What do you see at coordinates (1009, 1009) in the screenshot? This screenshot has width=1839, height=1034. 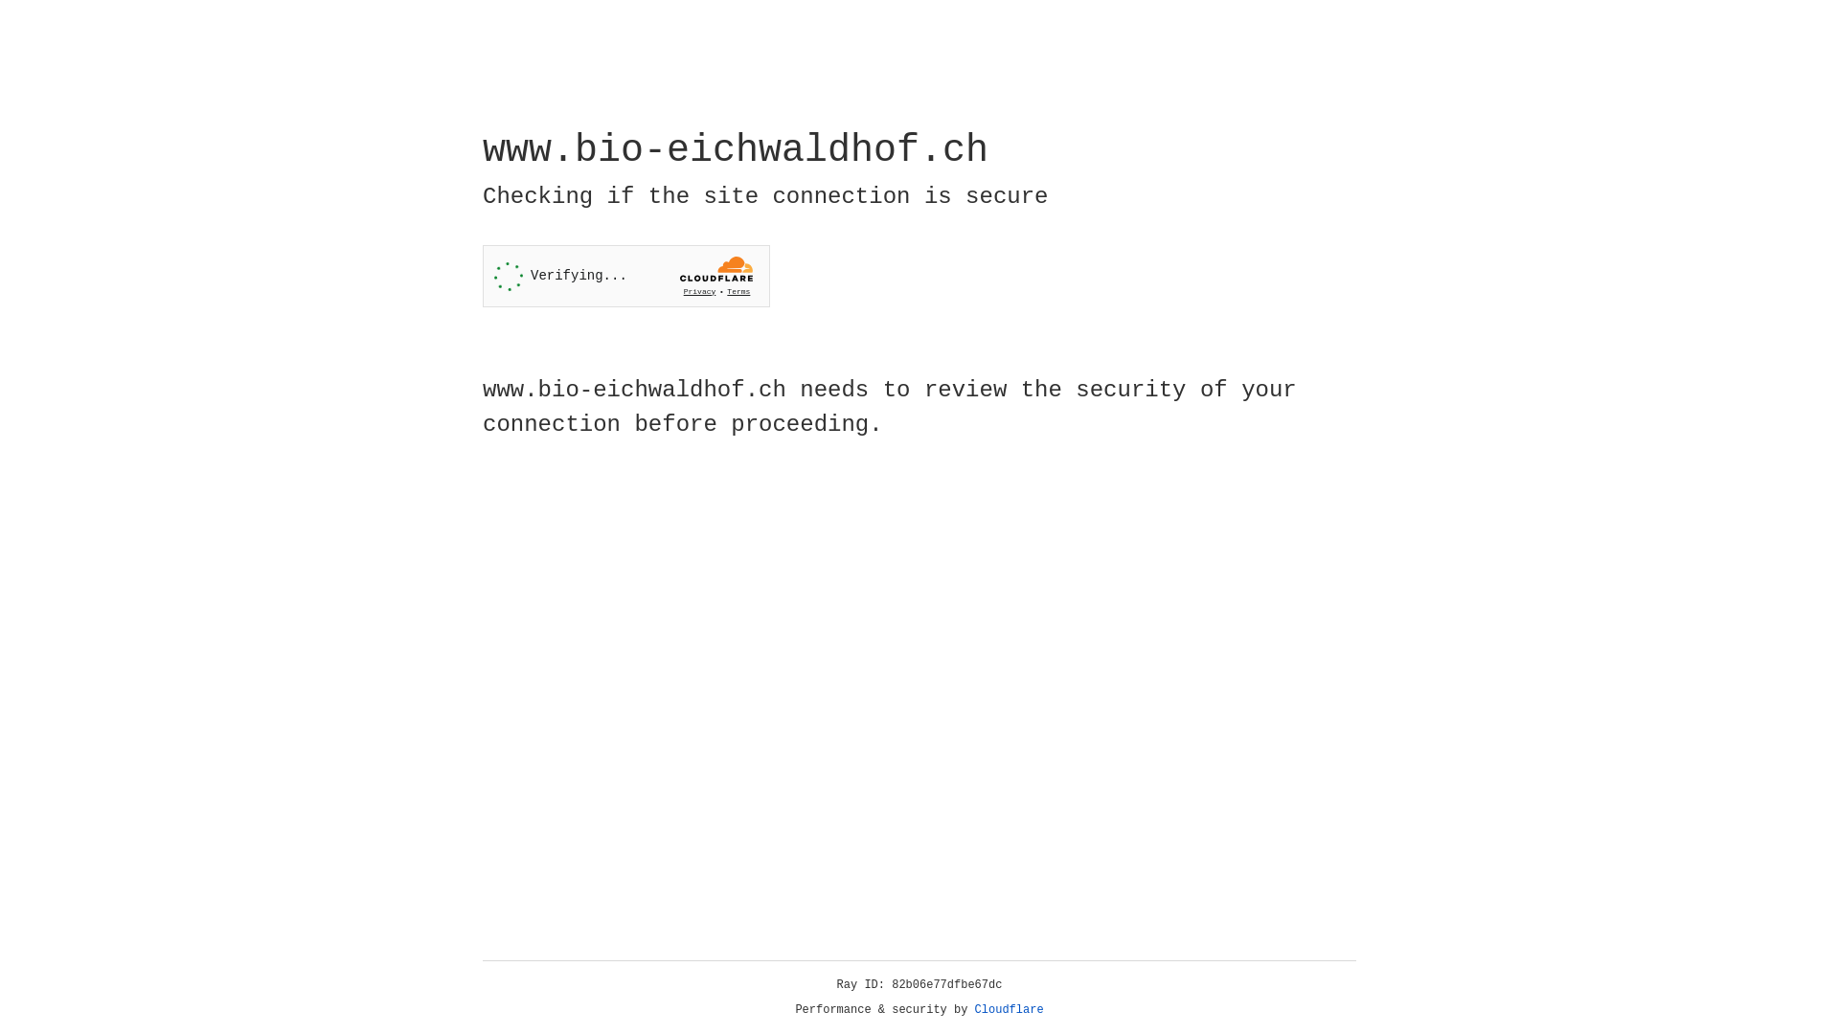 I see `'Cloudflare'` at bounding box center [1009, 1009].